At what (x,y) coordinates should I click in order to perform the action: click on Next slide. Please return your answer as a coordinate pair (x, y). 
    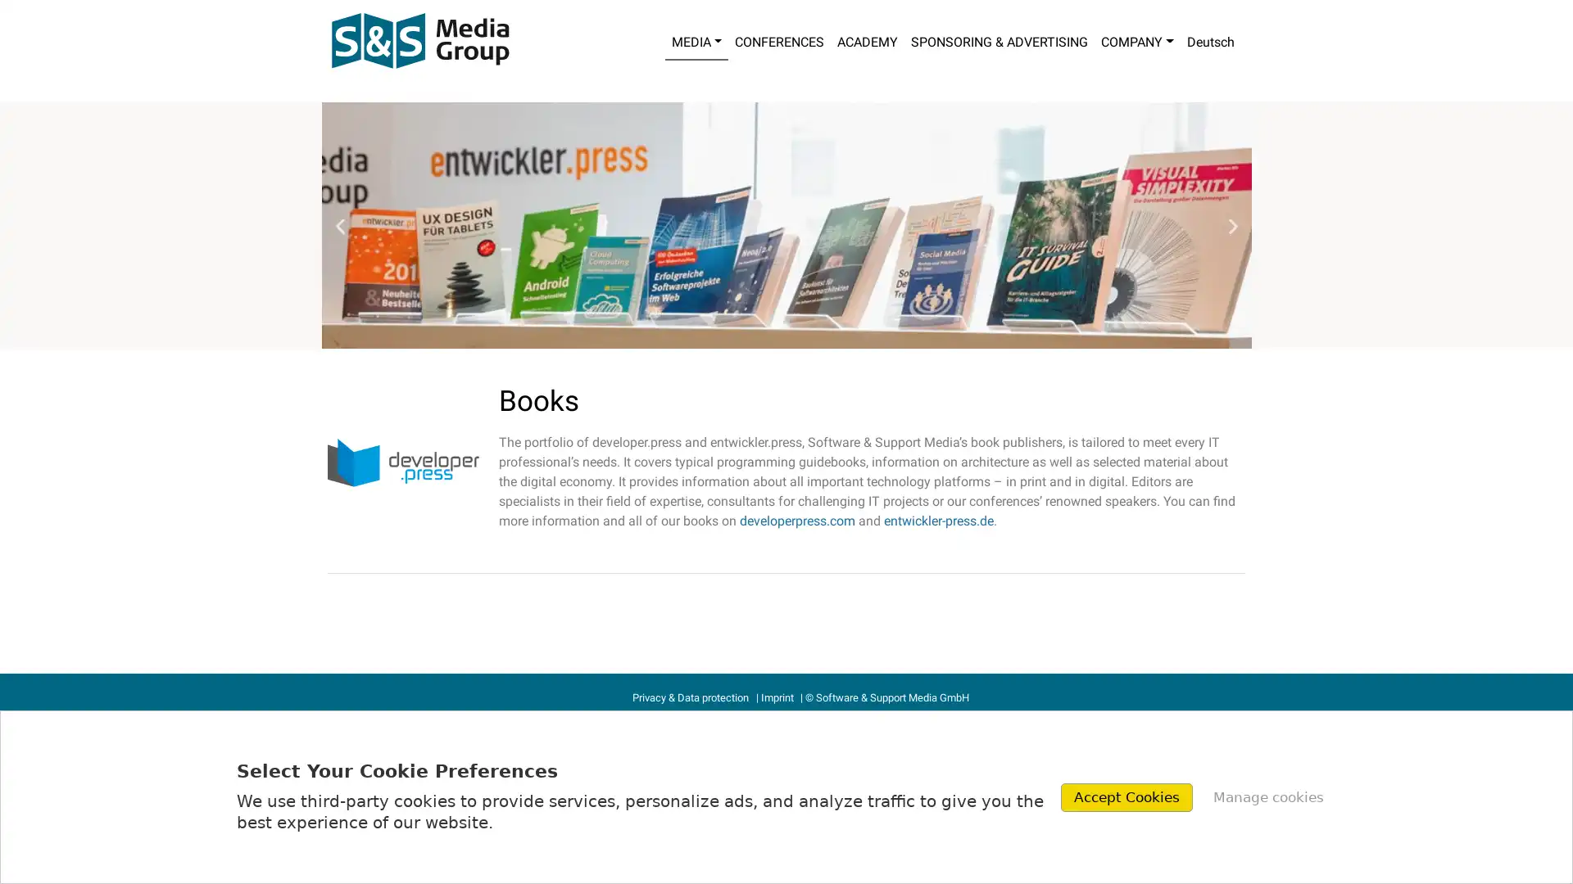
    Looking at the image, I should click on (1232, 225).